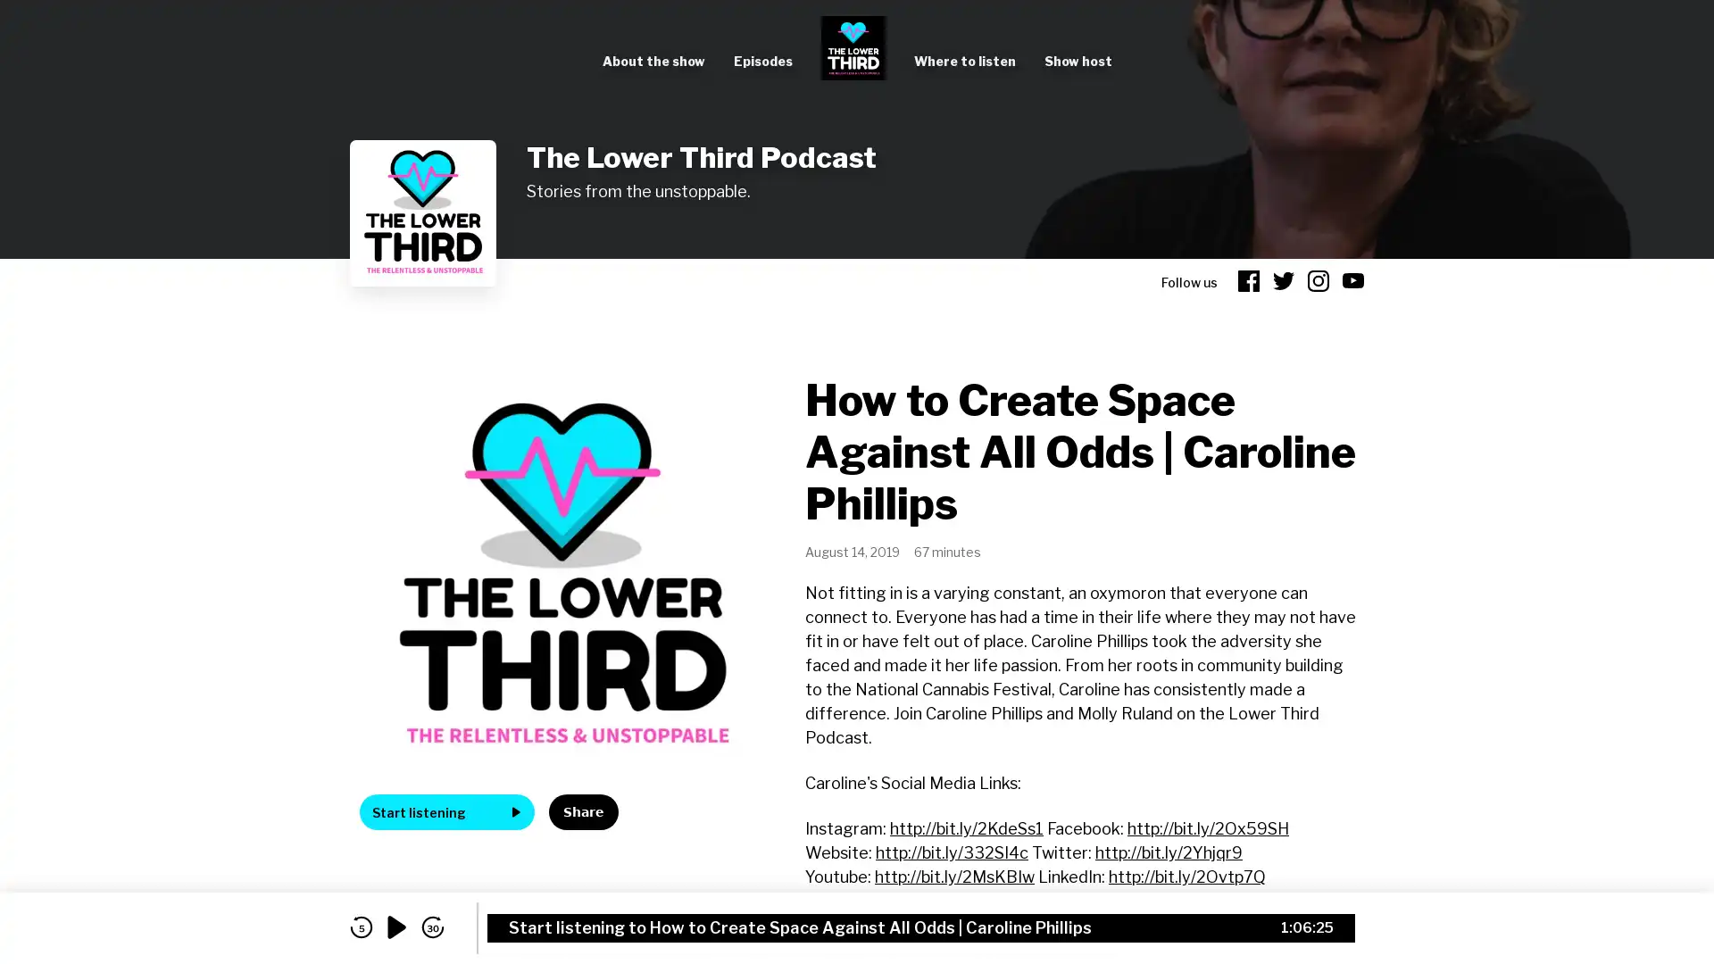  What do you see at coordinates (432, 927) in the screenshot?
I see `skip forward 30 seconds` at bounding box center [432, 927].